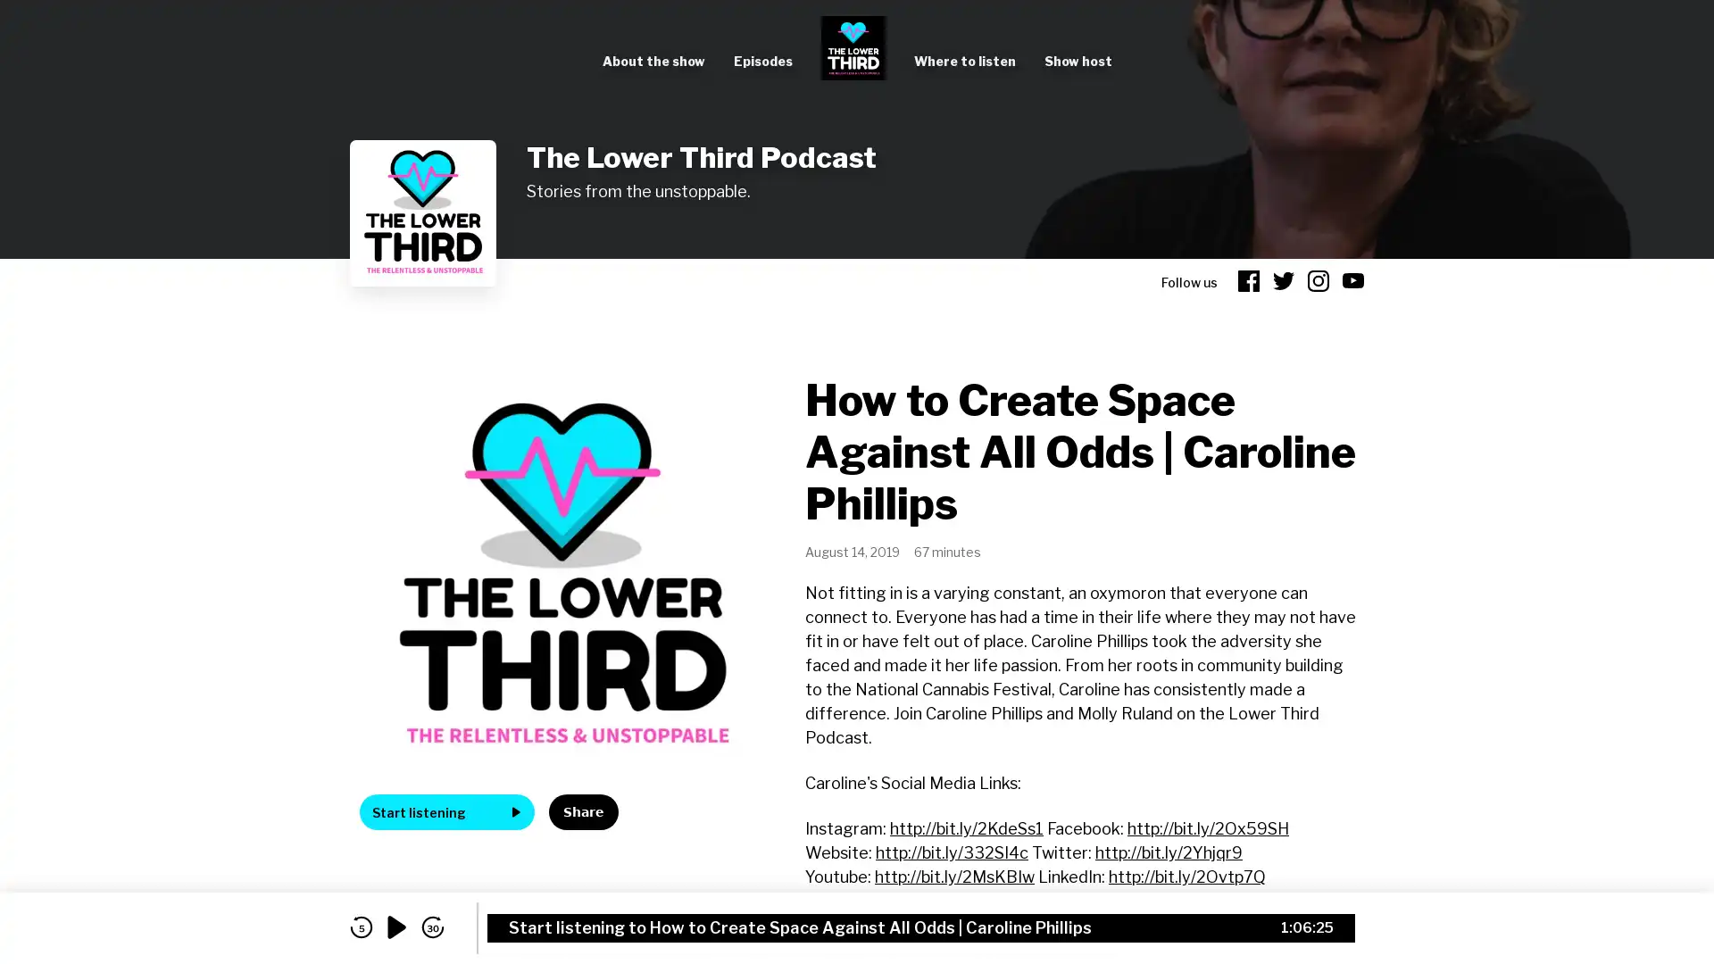  What do you see at coordinates (432, 927) in the screenshot?
I see `skip forward 30 seconds` at bounding box center [432, 927].